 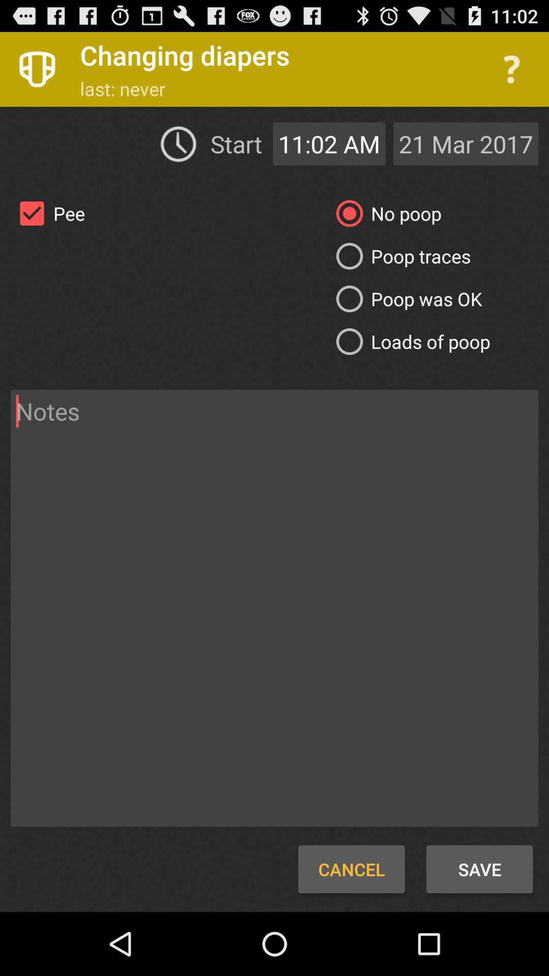 I want to click on get help options, so click(x=511, y=69).